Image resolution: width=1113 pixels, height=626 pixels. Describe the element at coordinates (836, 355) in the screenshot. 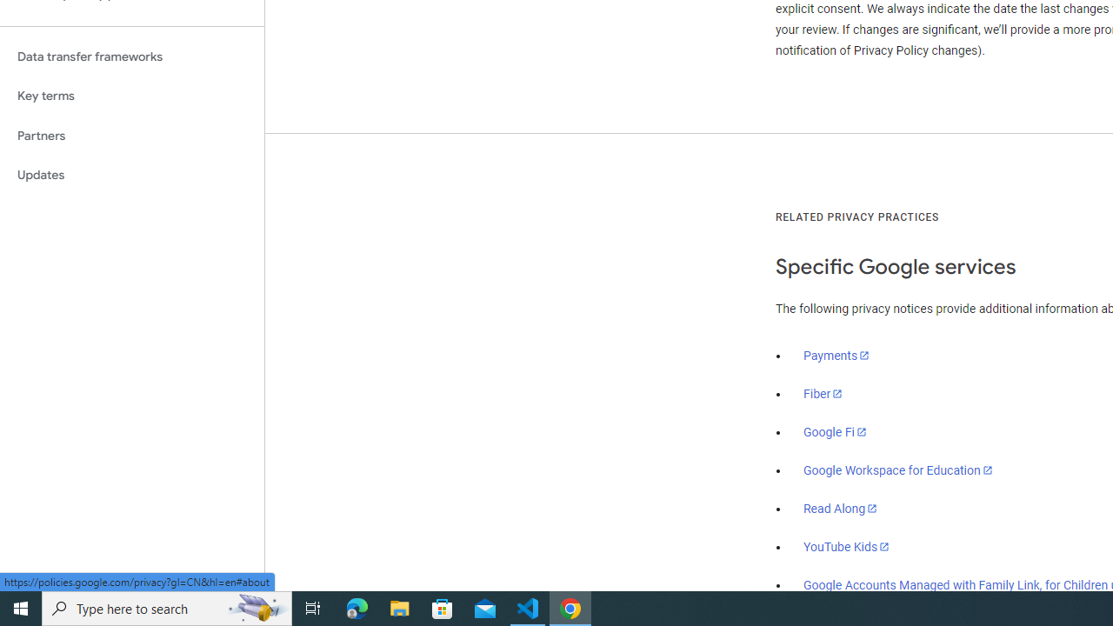

I see `'Payments'` at that location.